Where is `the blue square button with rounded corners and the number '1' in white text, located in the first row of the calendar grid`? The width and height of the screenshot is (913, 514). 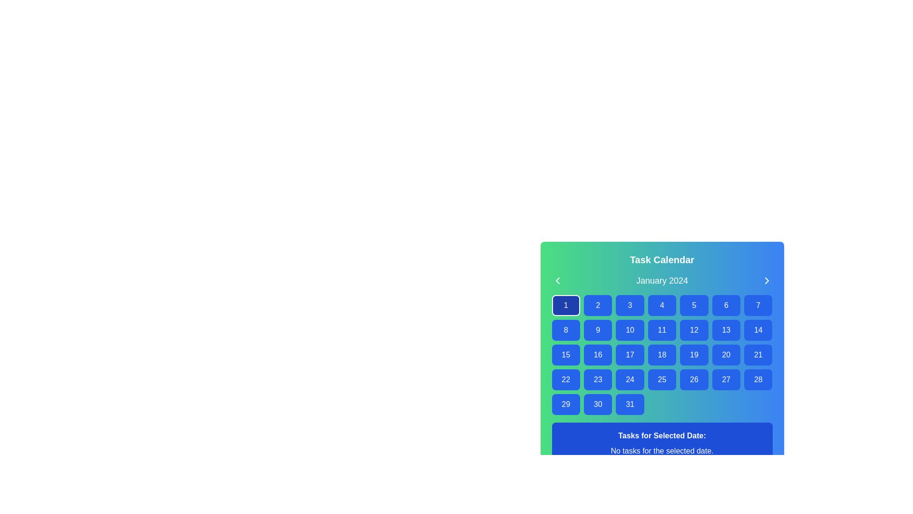
the blue square button with rounded corners and the number '1' in white text, located in the first row of the calendar grid is located at coordinates (566, 305).